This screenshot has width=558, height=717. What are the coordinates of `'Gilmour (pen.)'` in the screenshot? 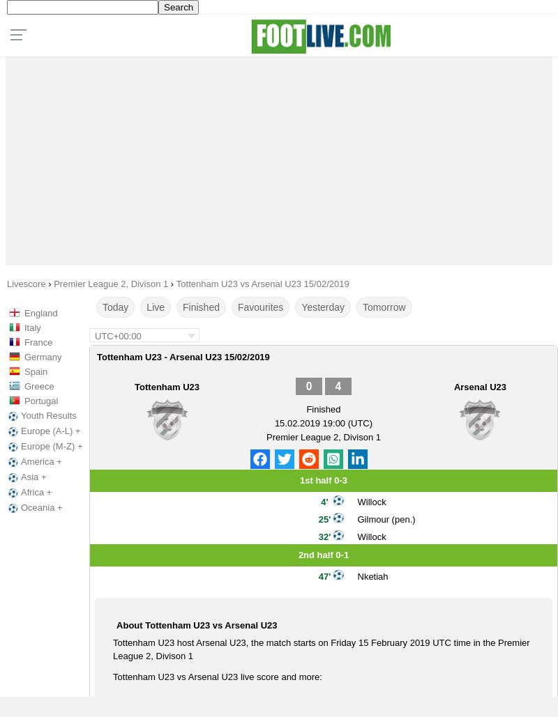 It's located at (386, 519).